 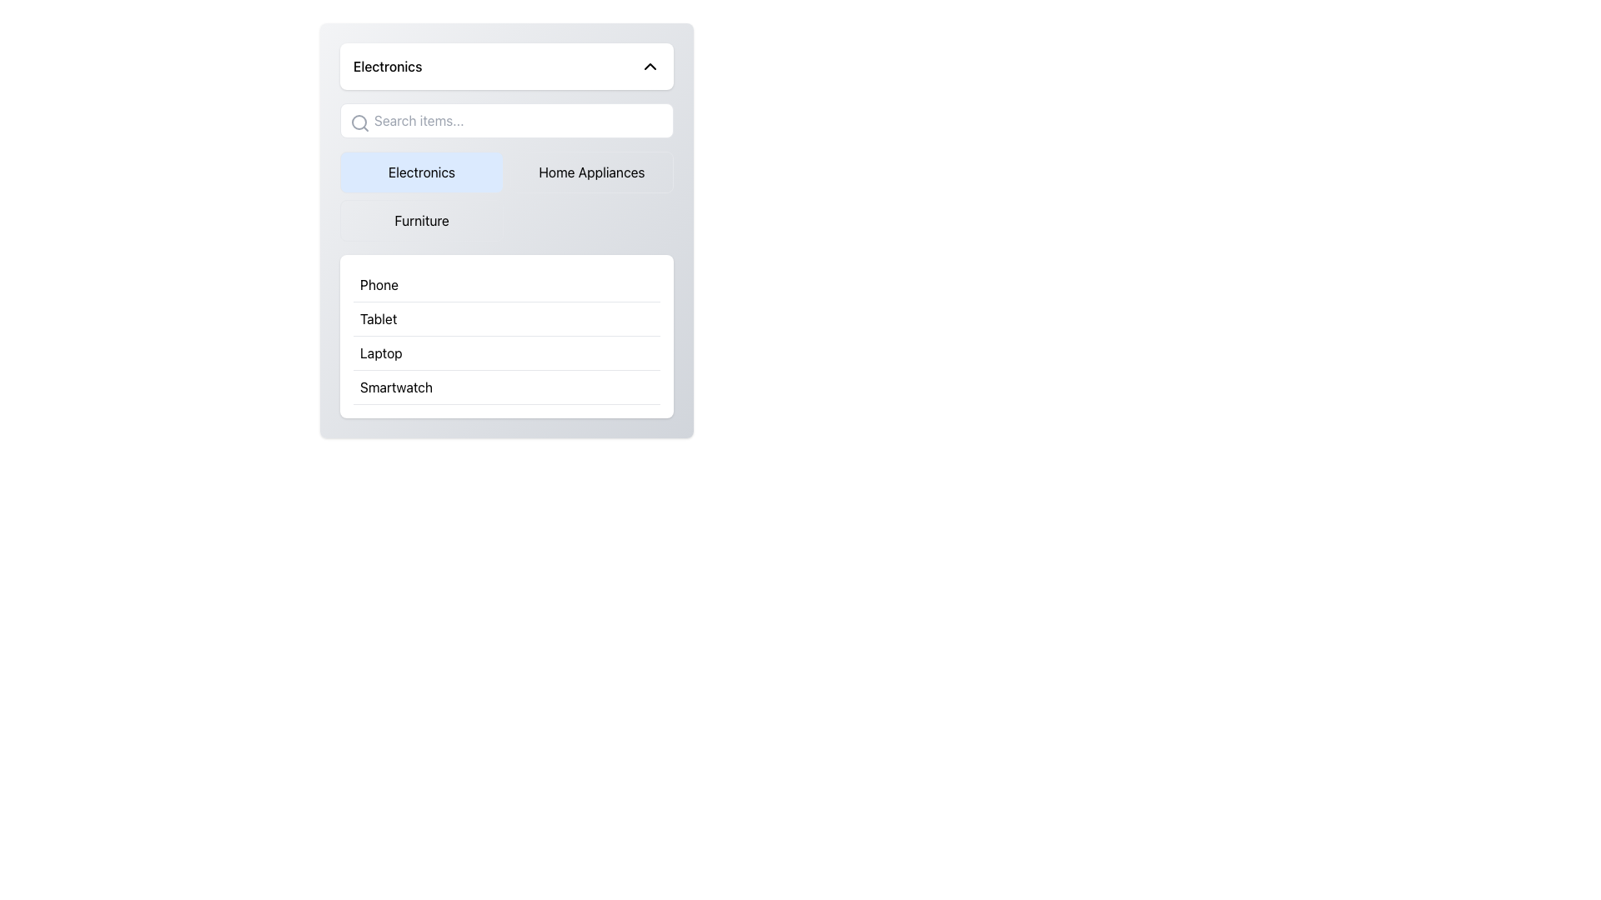 I want to click on the 'Home Appliances' button, which is the second button in a row of three, located to the right of the 'Electronics' button and above the 'Furniture' button, so click(x=592, y=172).